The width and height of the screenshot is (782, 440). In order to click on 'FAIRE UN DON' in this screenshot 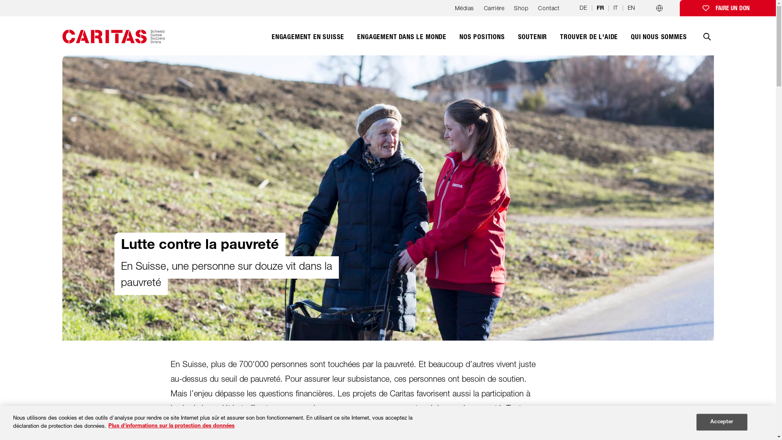, I will do `click(727, 8)`.